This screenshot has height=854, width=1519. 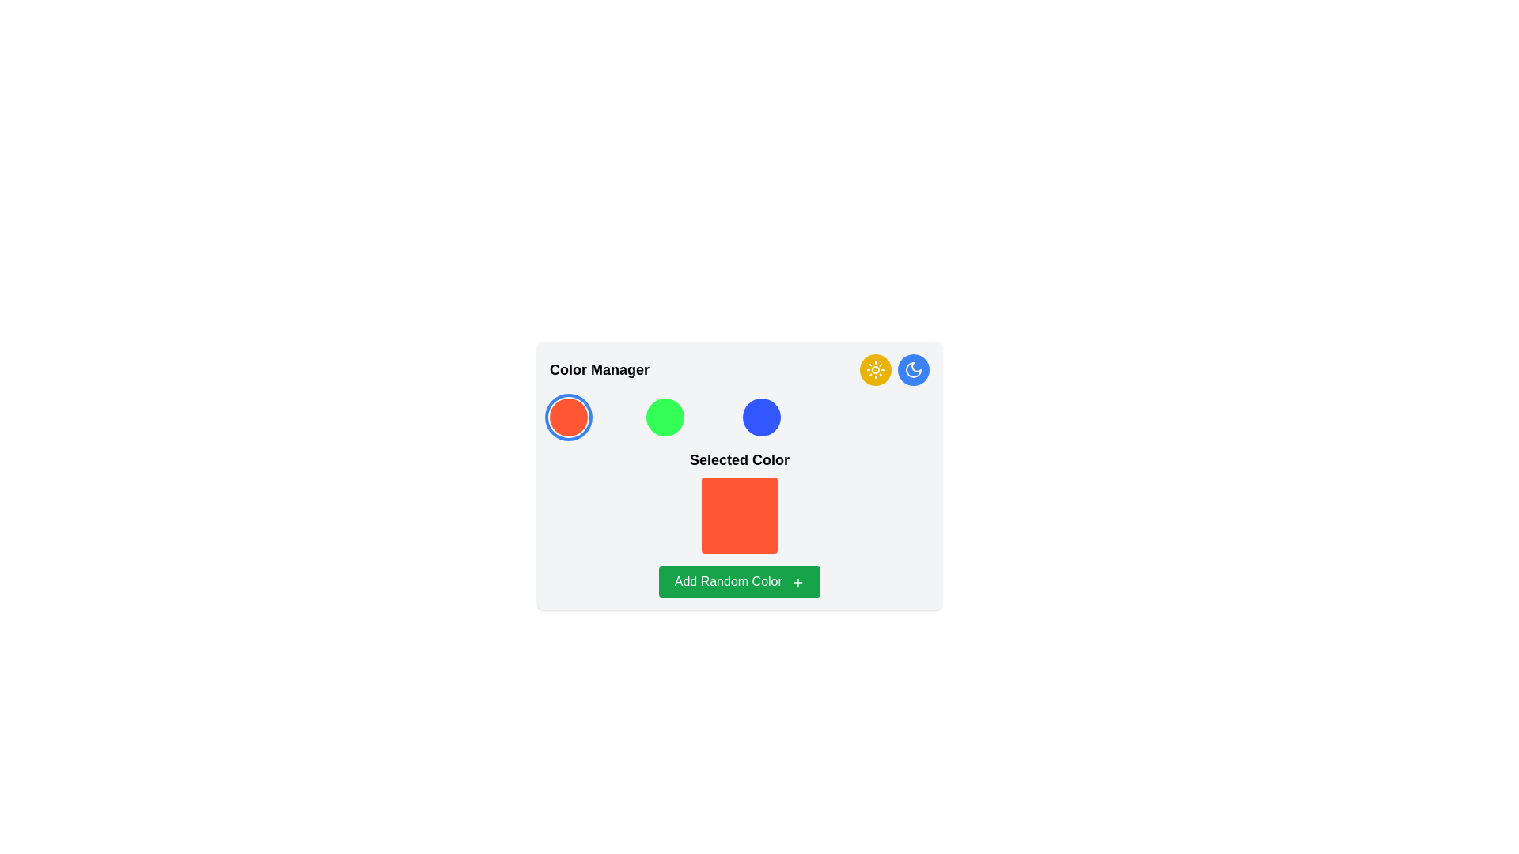 I want to click on the icon button located in the top-right corner of the interface, adjacent to a crescent moon icon, so click(x=875, y=369).